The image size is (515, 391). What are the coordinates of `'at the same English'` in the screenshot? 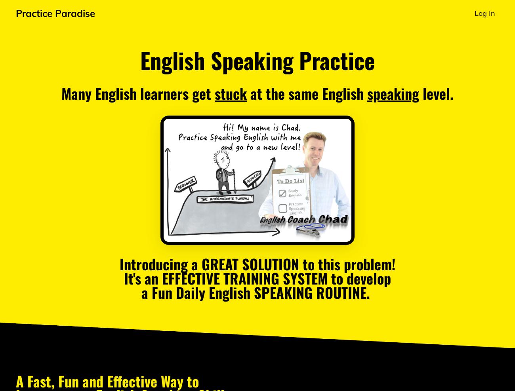 It's located at (307, 93).